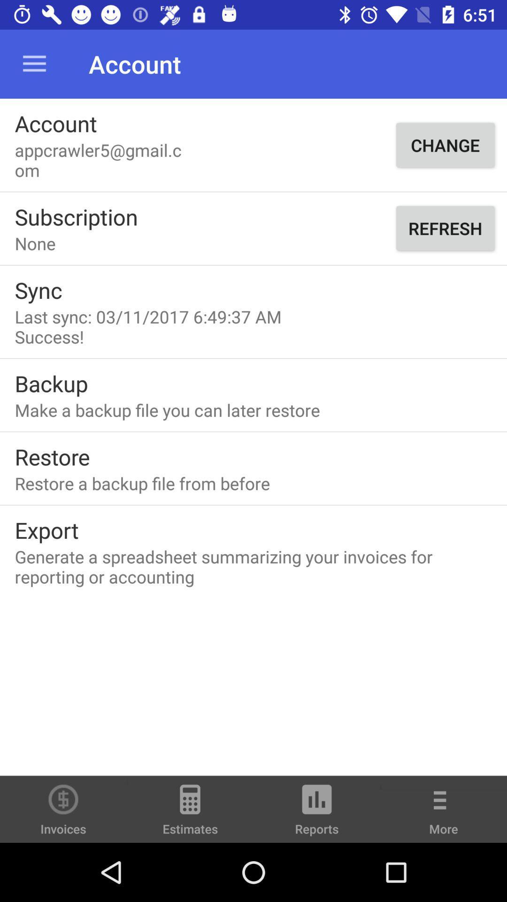  What do you see at coordinates (444, 816) in the screenshot?
I see `icon at the bottom right corner` at bounding box center [444, 816].